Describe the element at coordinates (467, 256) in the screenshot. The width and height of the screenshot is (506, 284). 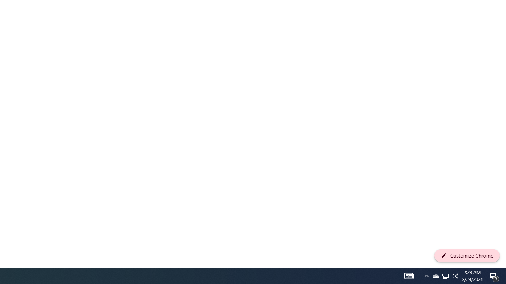
I see `'Customize Chrome'` at that location.